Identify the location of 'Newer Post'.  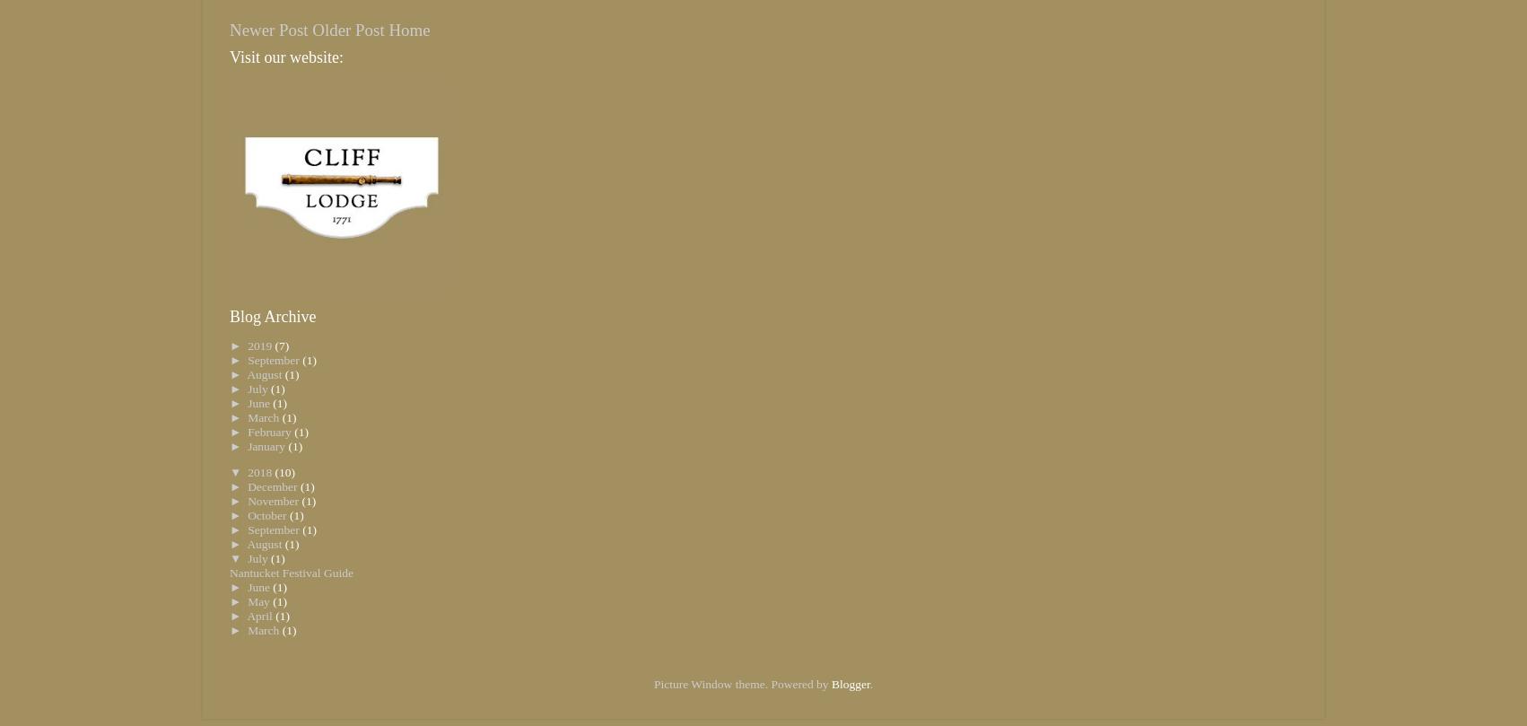
(268, 30).